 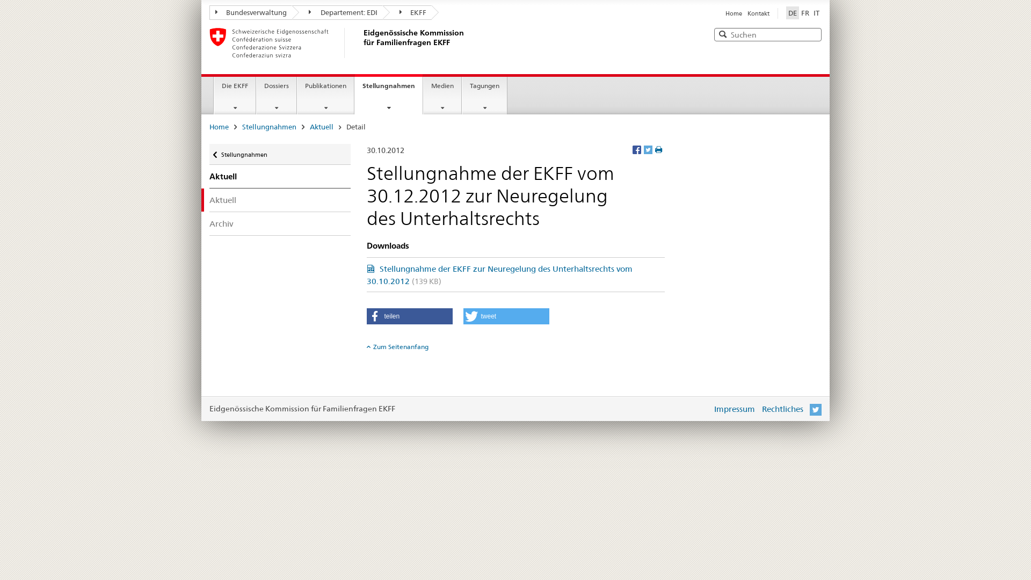 What do you see at coordinates (409, 316) in the screenshot?
I see `'teilen'` at bounding box center [409, 316].